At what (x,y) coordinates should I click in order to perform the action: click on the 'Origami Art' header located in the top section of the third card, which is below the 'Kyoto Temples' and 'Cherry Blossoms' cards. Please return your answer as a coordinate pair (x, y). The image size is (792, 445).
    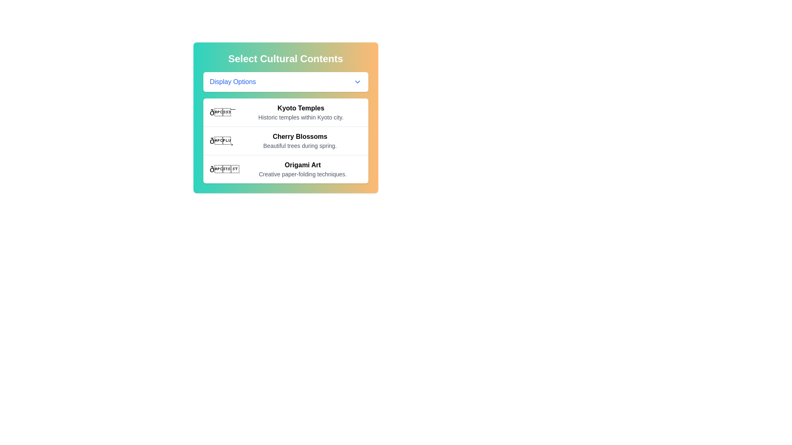
    Looking at the image, I should click on (302, 165).